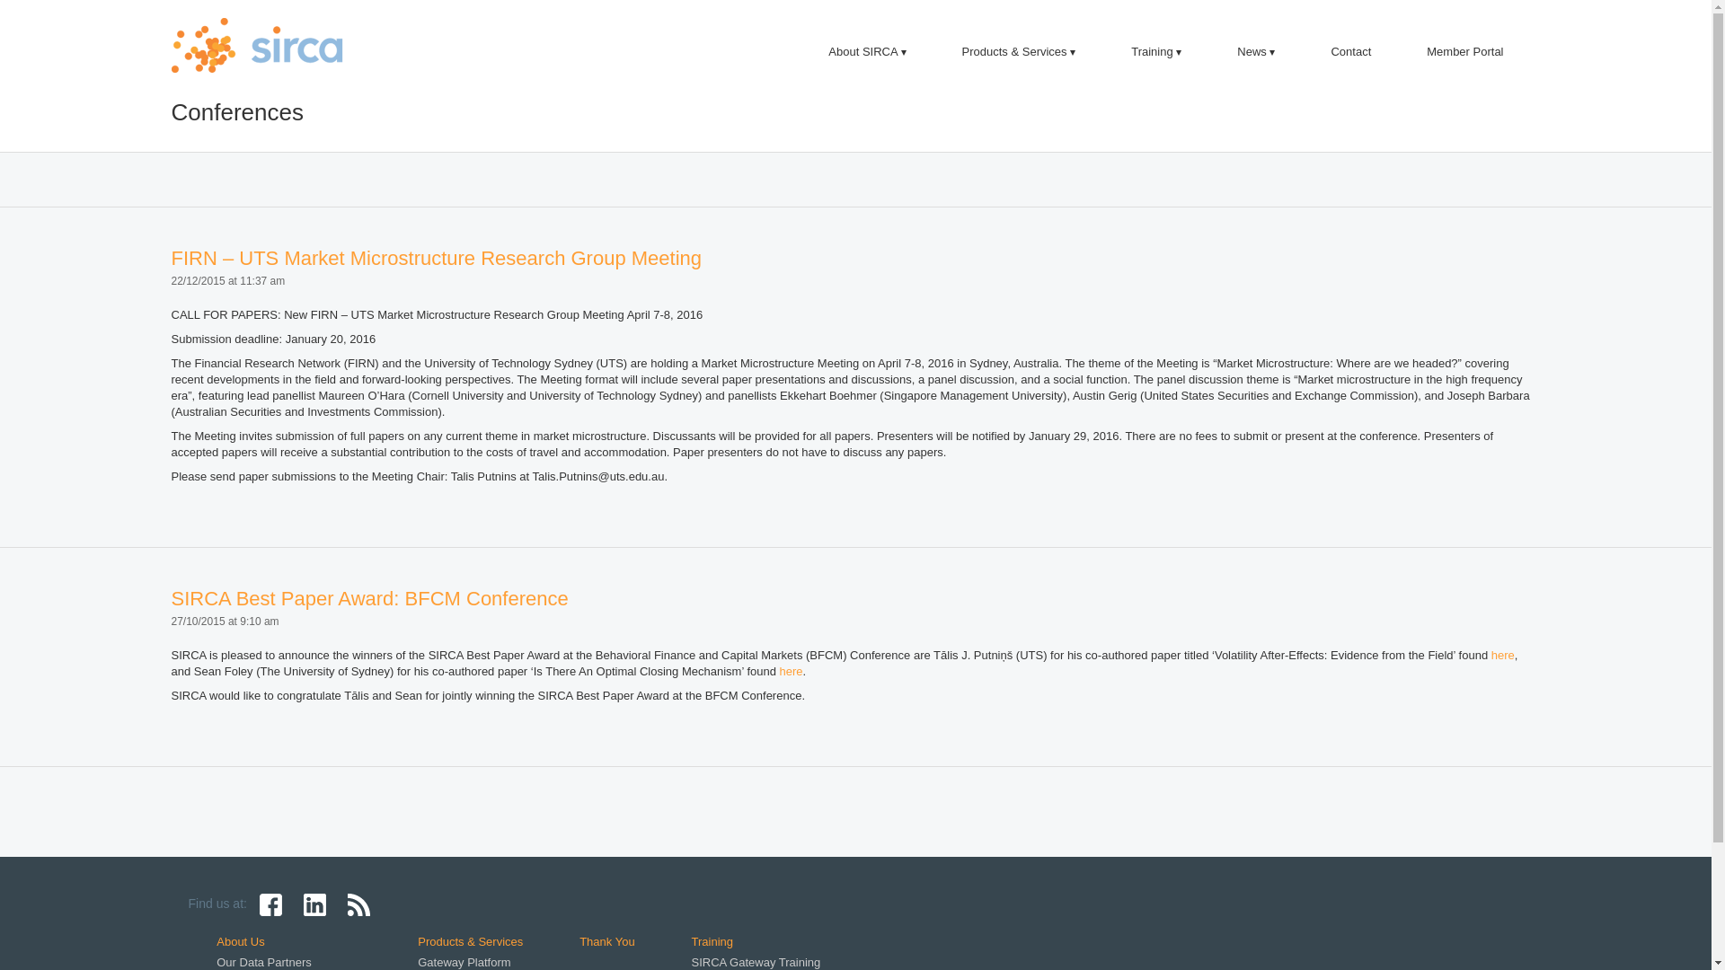 Image resolution: width=1725 pixels, height=970 pixels. What do you see at coordinates (1464, 50) in the screenshot?
I see `'Member Portal'` at bounding box center [1464, 50].